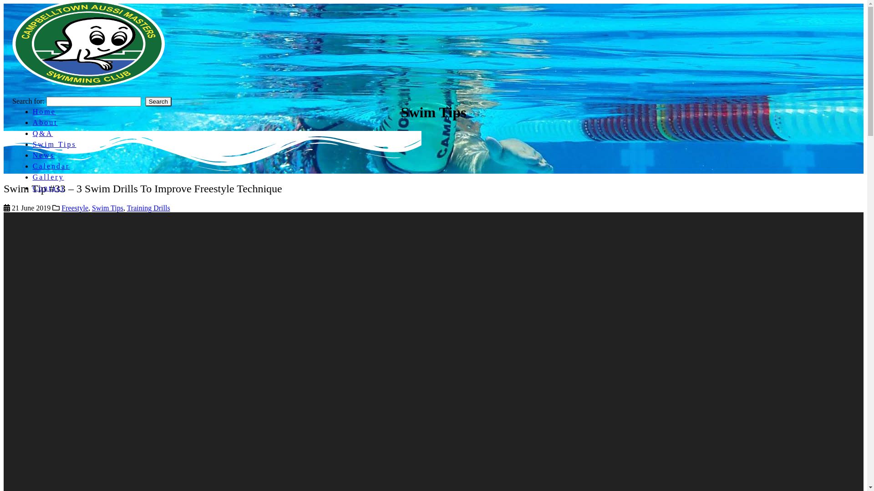  Describe the element at coordinates (43, 155) in the screenshot. I see `'News'` at that location.